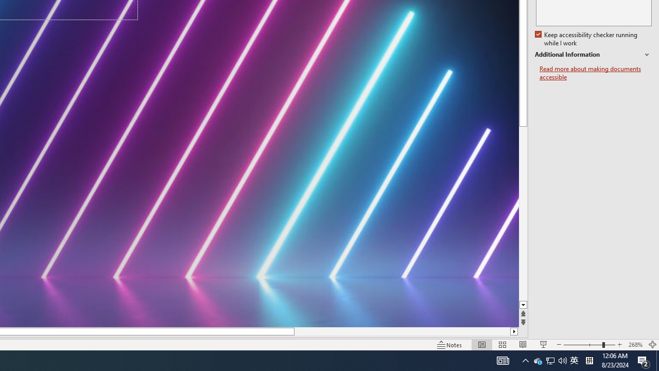  Describe the element at coordinates (583, 345) in the screenshot. I see `'Zoom Out'` at that location.